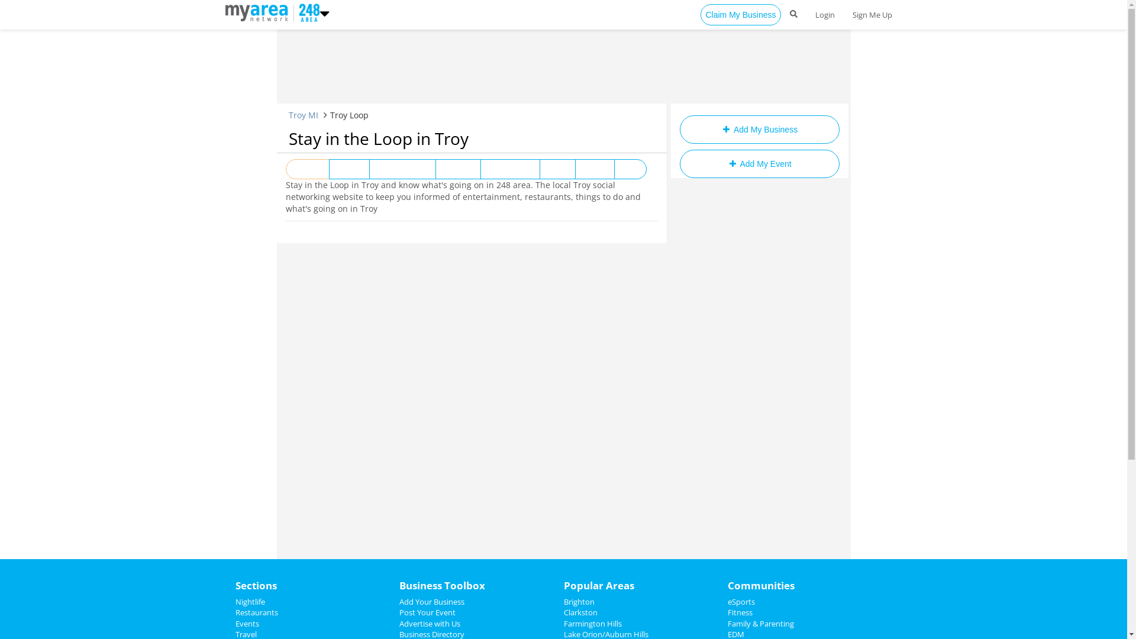 This screenshot has width=1136, height=639. I want to click on 'Restaurants', so click(510, 169).